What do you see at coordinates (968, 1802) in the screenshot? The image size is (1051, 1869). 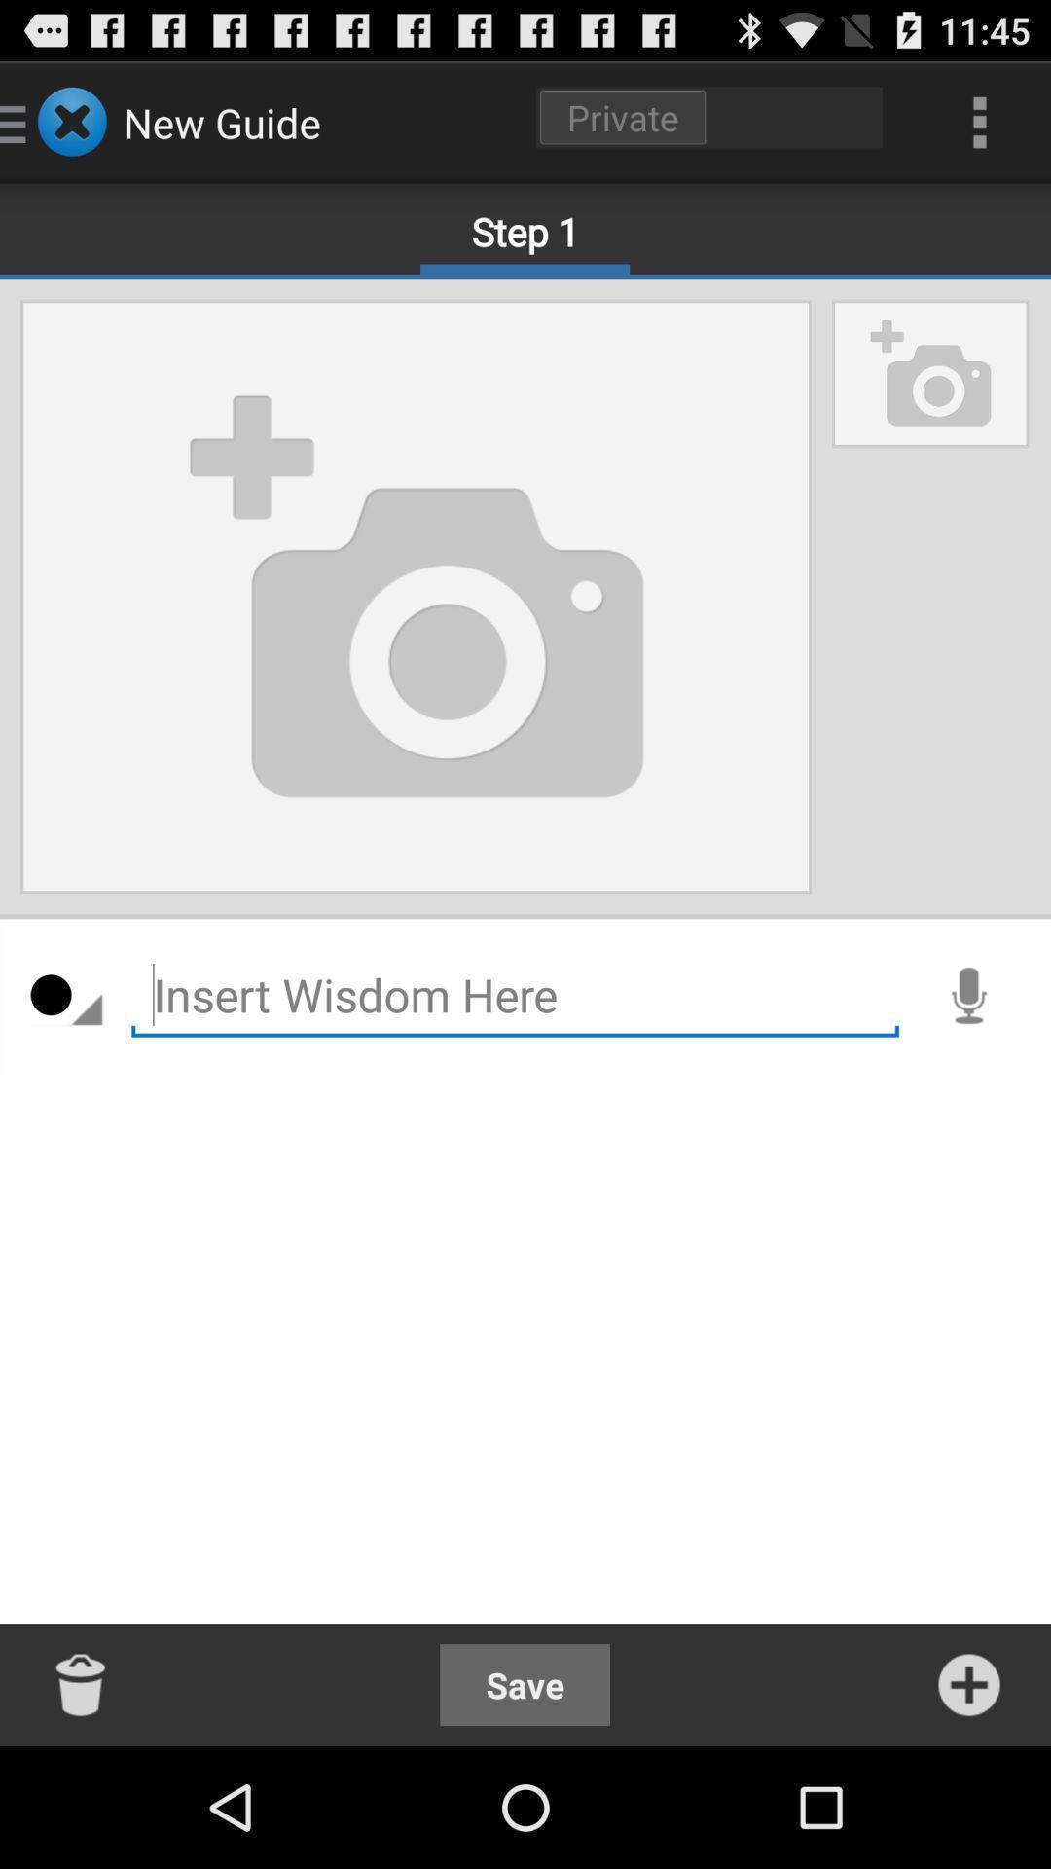 I see `the add icon` at bounding box center [968, 1802].